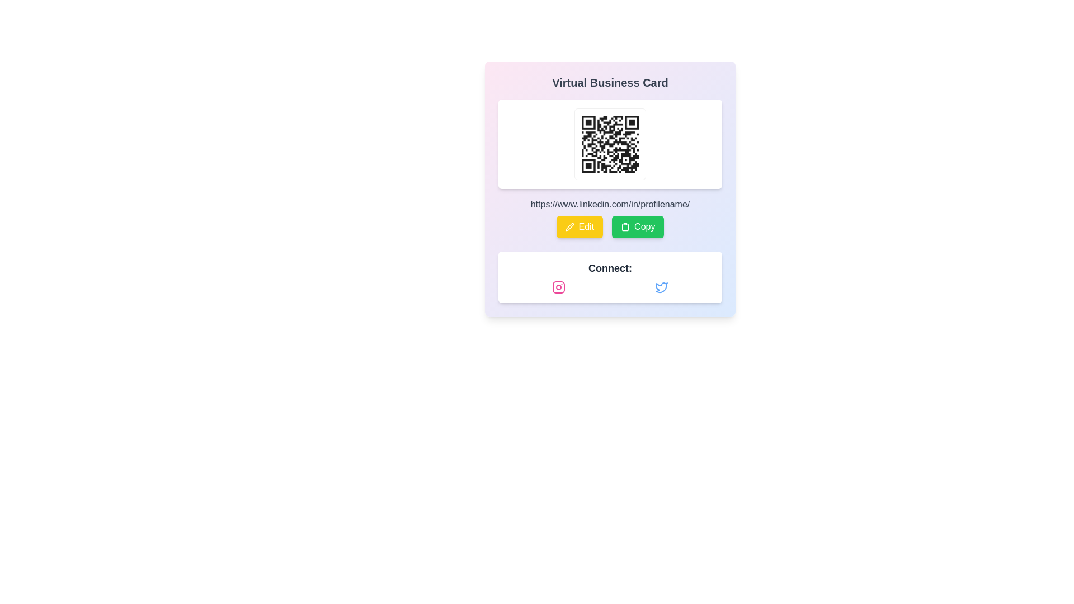 This screenshot has height=604, width=1074. Describe the element at coordinates (625, 226) in the screenshot. I see `the 'Copy' button, which is located on the right-hand side below a link and adjacent` at that location.